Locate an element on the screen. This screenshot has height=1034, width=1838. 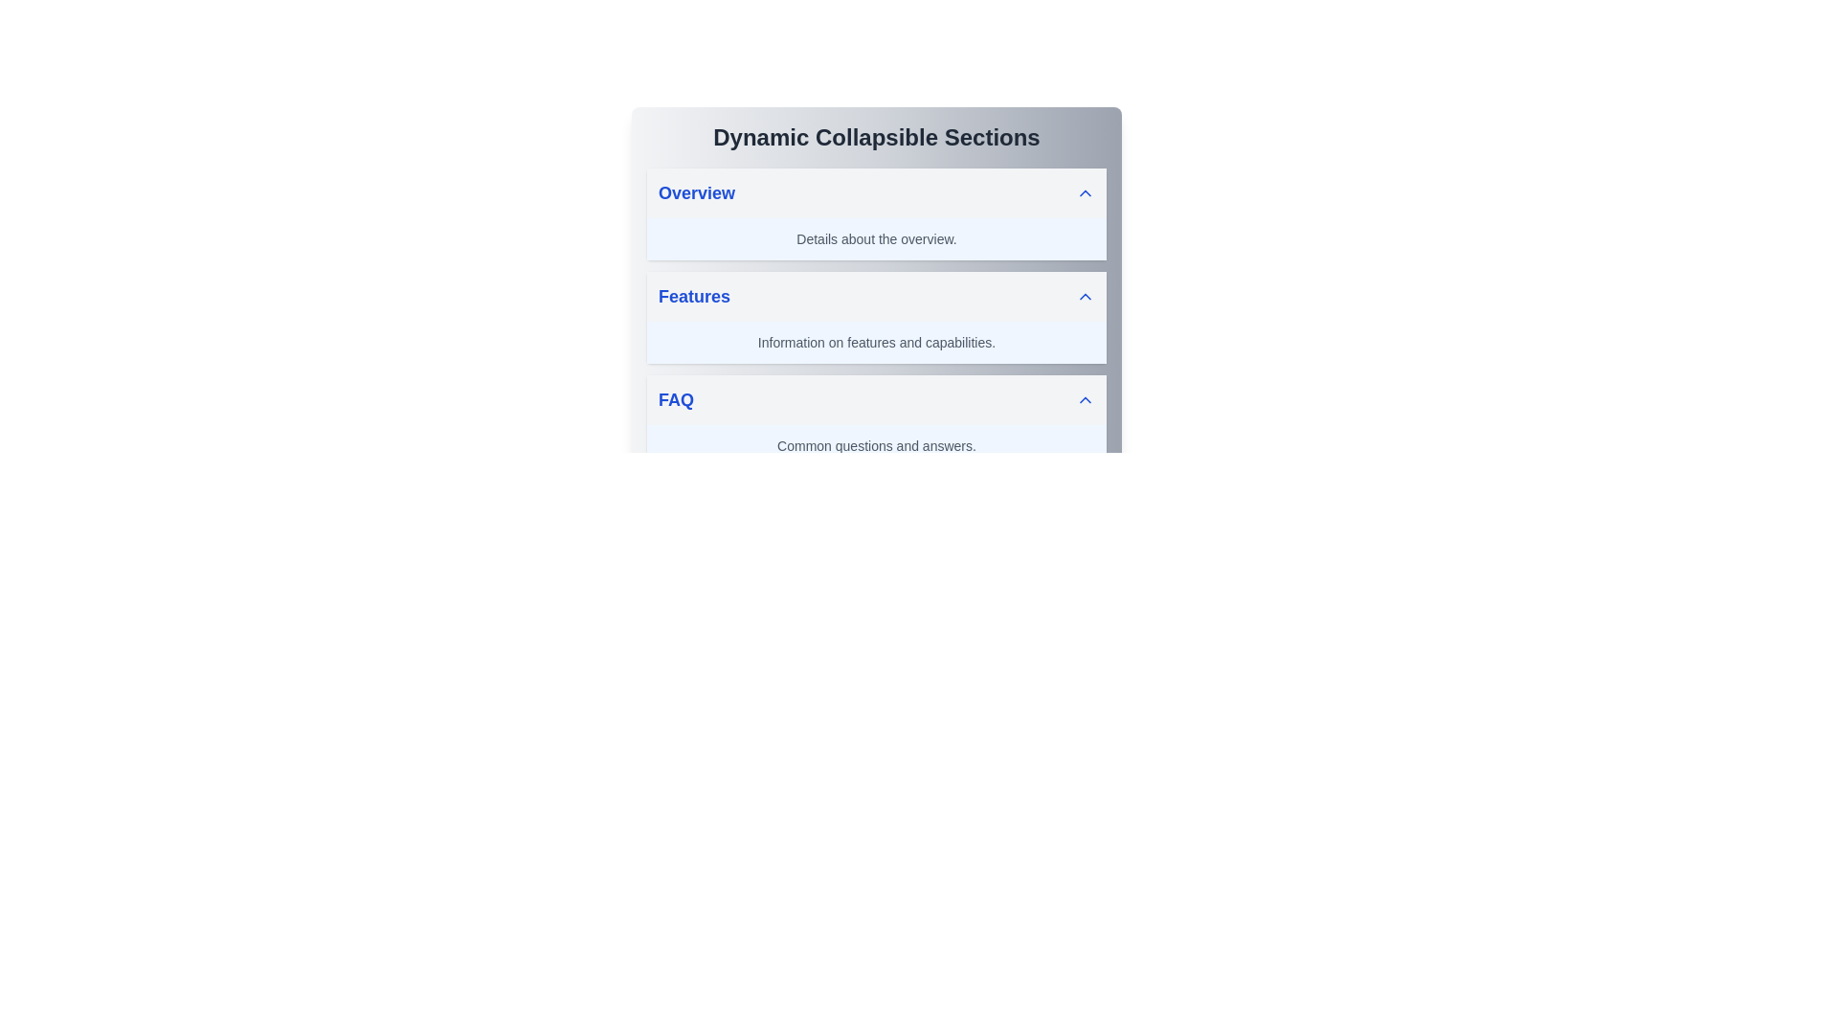
the 'FAQ' text label, styled in blue with bold font is located at coordinates (676, 398).